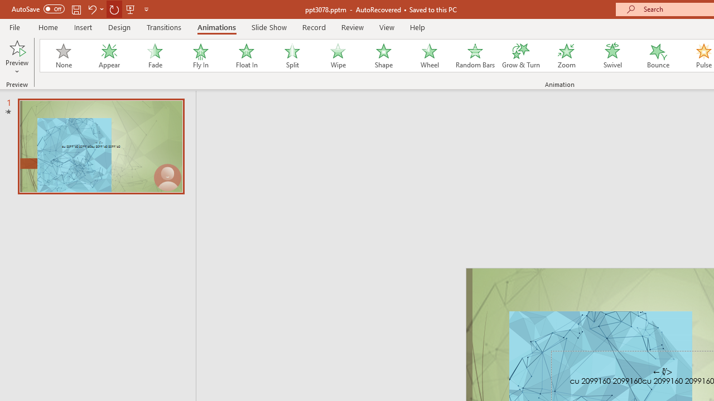 The width and height of the screenshot is (714, 401). Describe the element at coordinates (245, 56) in the screenshot. I see `'Float In'` at that location.